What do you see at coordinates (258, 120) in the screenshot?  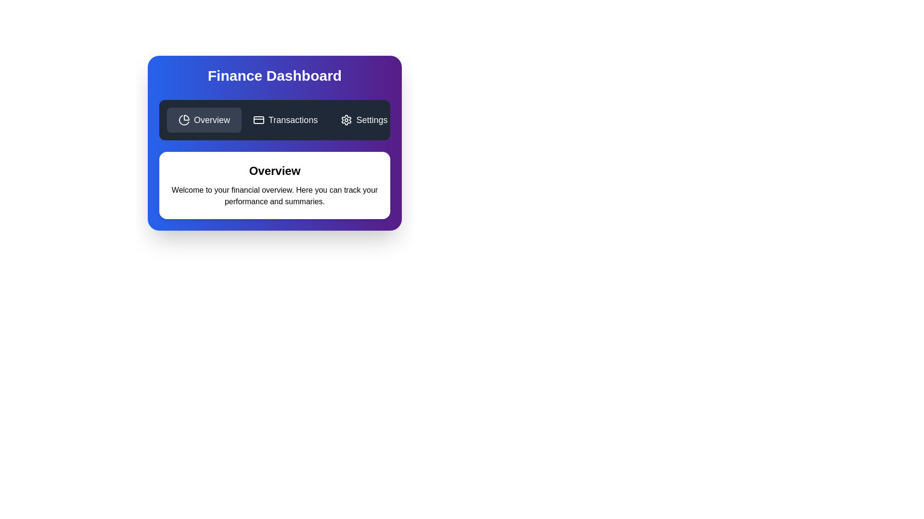 I see `the 'Transactions' button associated with the credit card icon, which is styled in minimalistic line art and positioned next to the 'Transactions' text` at bounding box center [258, 120].